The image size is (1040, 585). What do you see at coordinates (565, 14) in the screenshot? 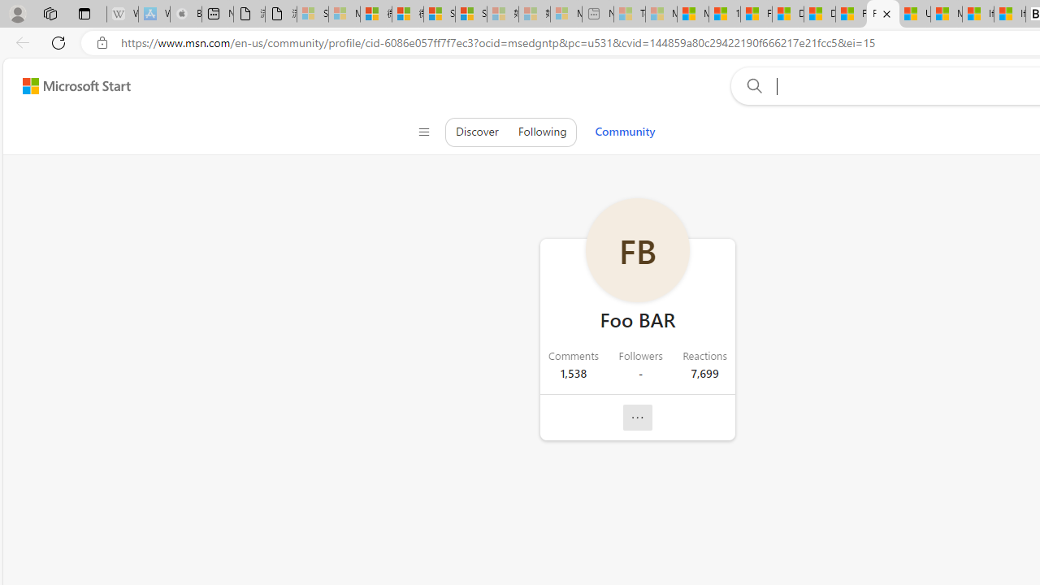
I see `'Microsoft account | Account Checkup - Sleeping'` at bounding box center [565, 14].